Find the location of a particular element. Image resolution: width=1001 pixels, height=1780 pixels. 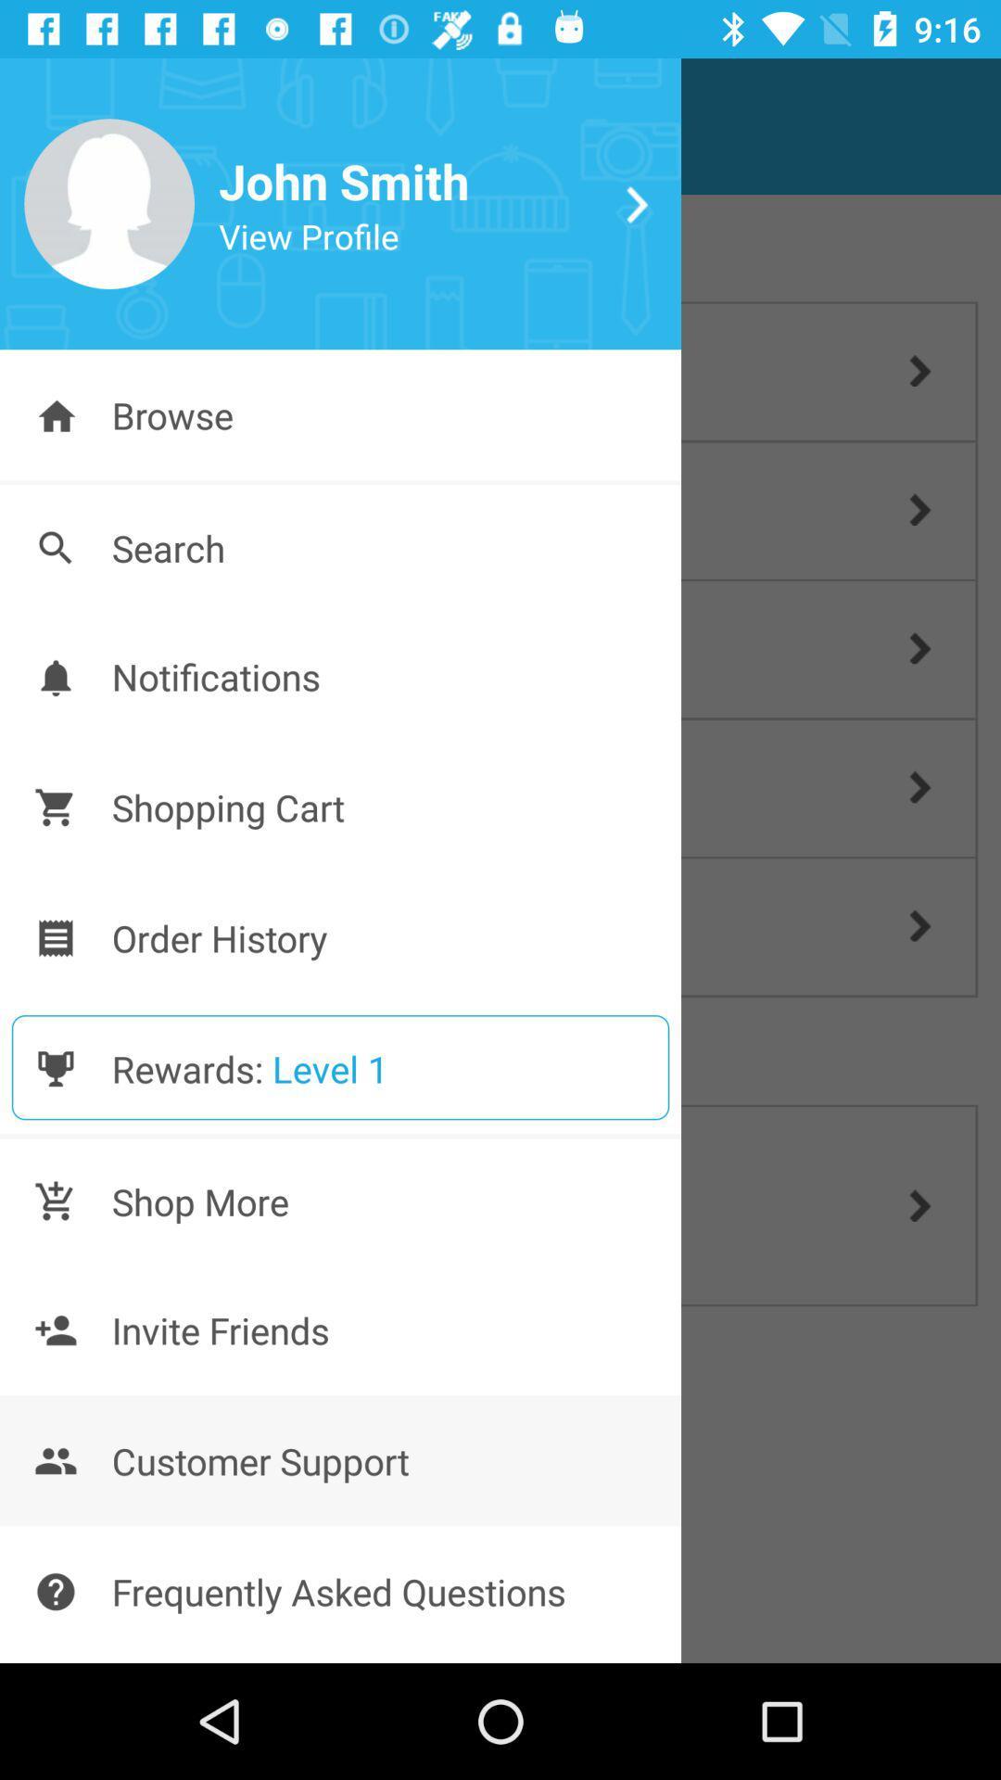

cart icon which is before shopping cart on the page is located at coordinates (55, 807).